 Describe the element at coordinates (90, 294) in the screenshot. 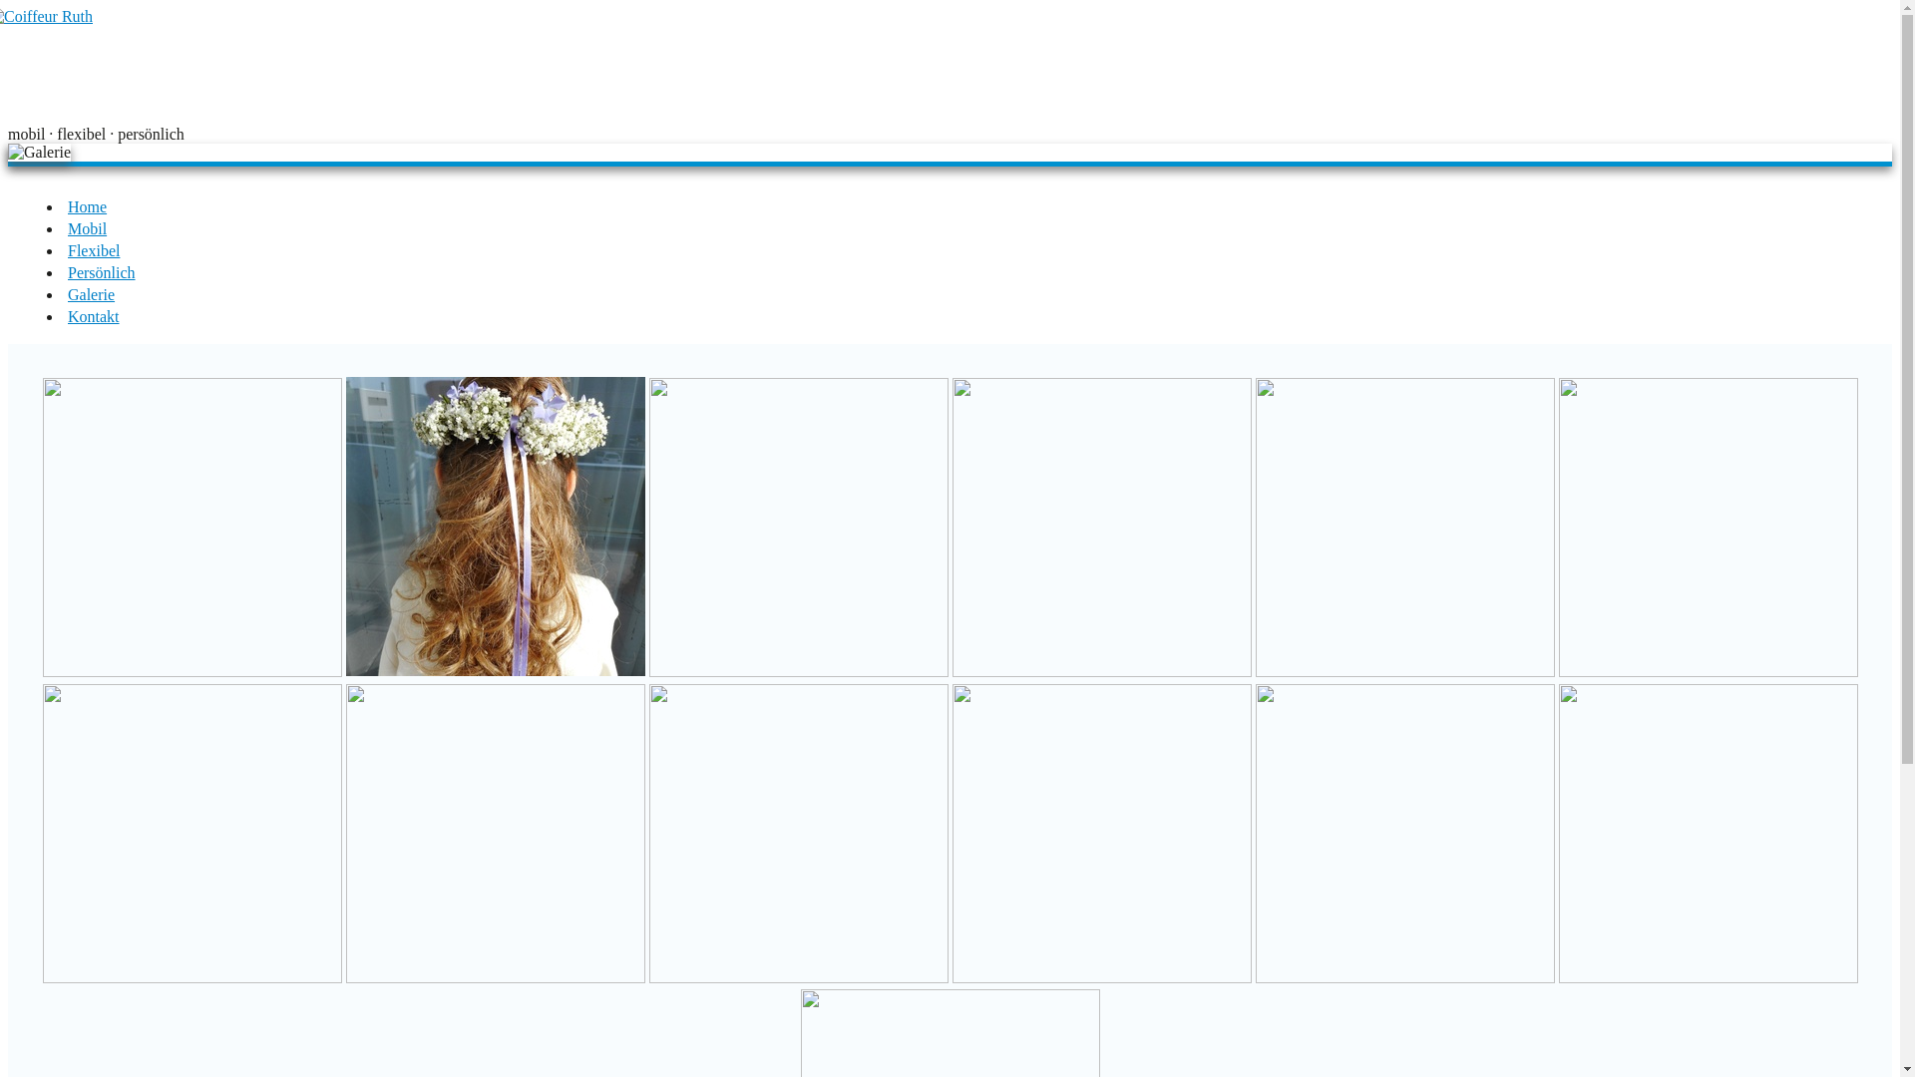

I see `'Galerie'` at that location.